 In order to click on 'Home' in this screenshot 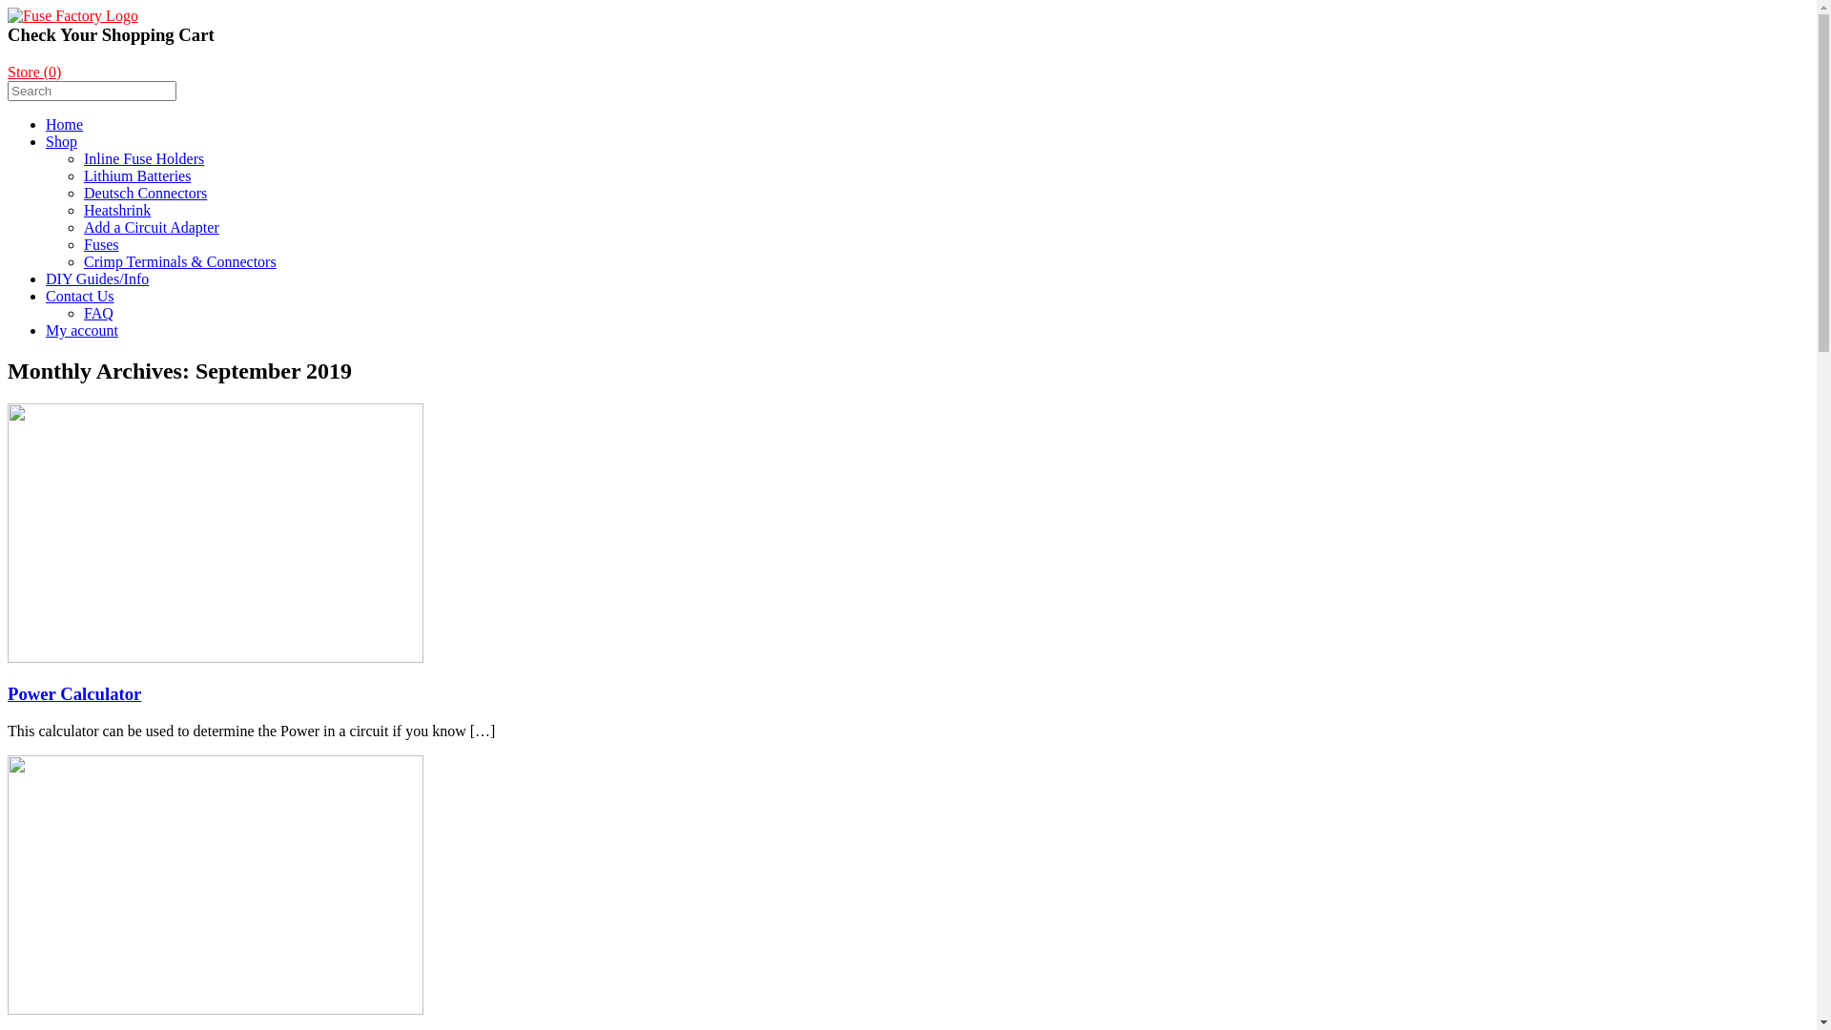, I will do `click(64, 124)`.